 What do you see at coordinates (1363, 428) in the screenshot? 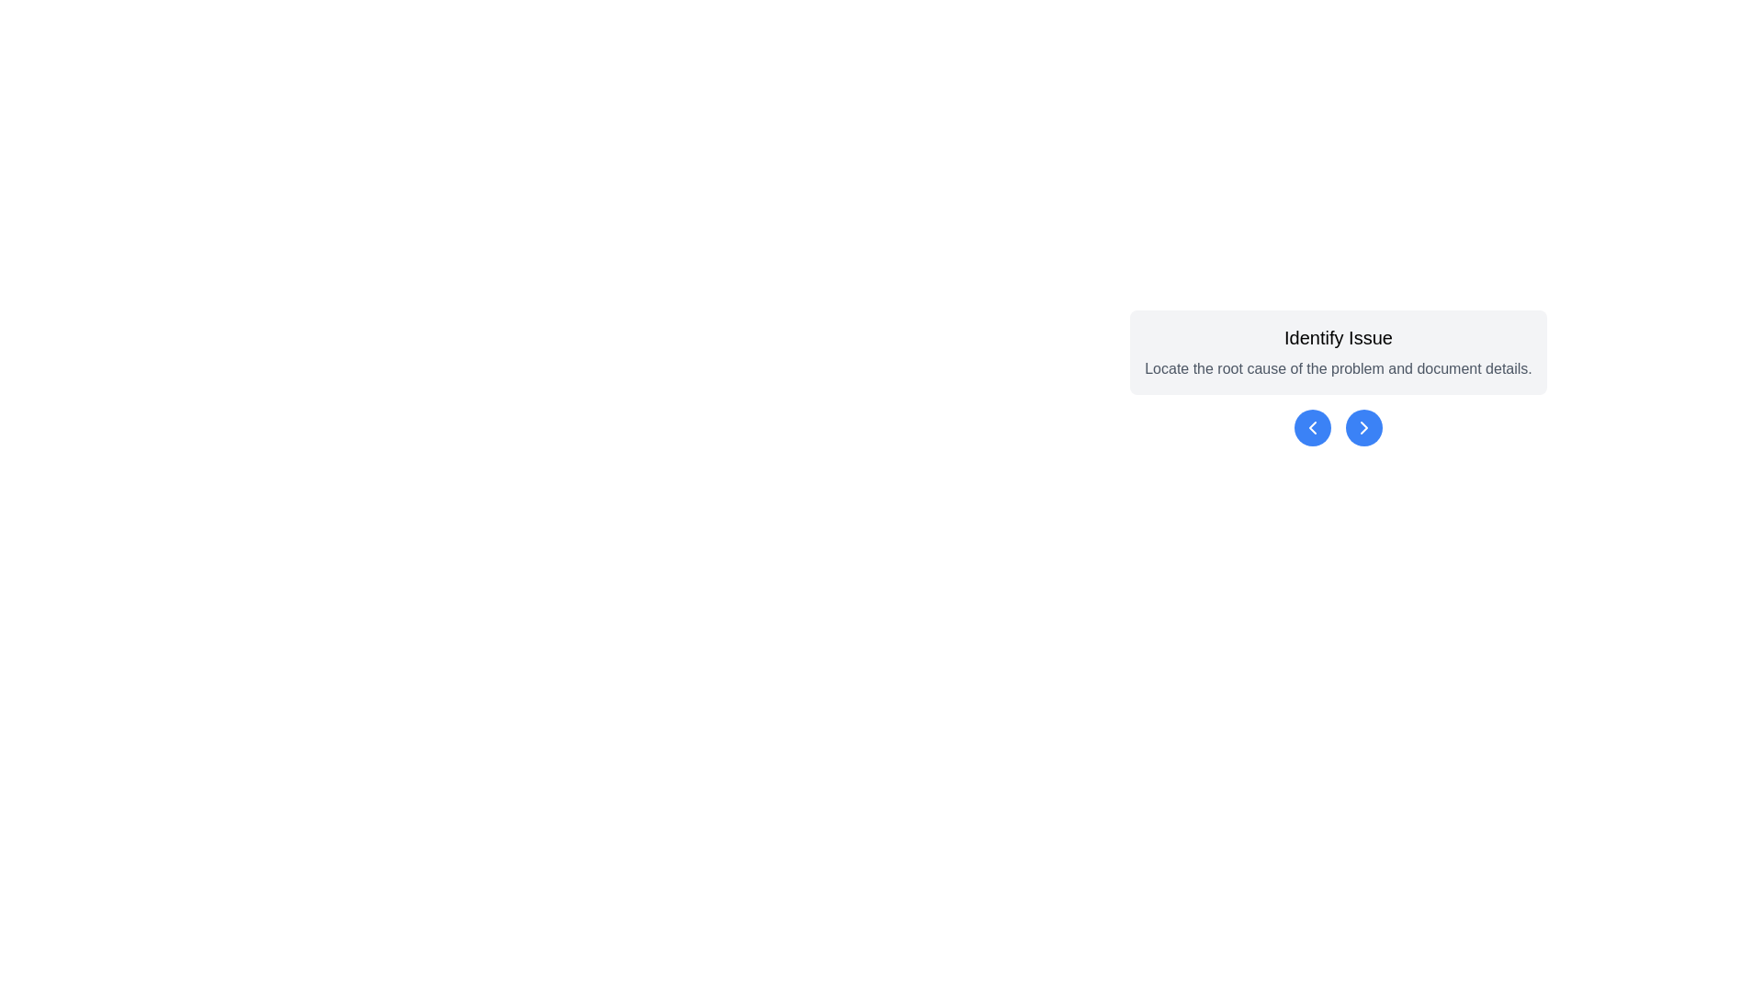
I see `the rightward-facing chevron icon within the blue circular button located next to the leftward-facing chevron button under the 'Identify Issue' text` at bounding box center [1363, 428].